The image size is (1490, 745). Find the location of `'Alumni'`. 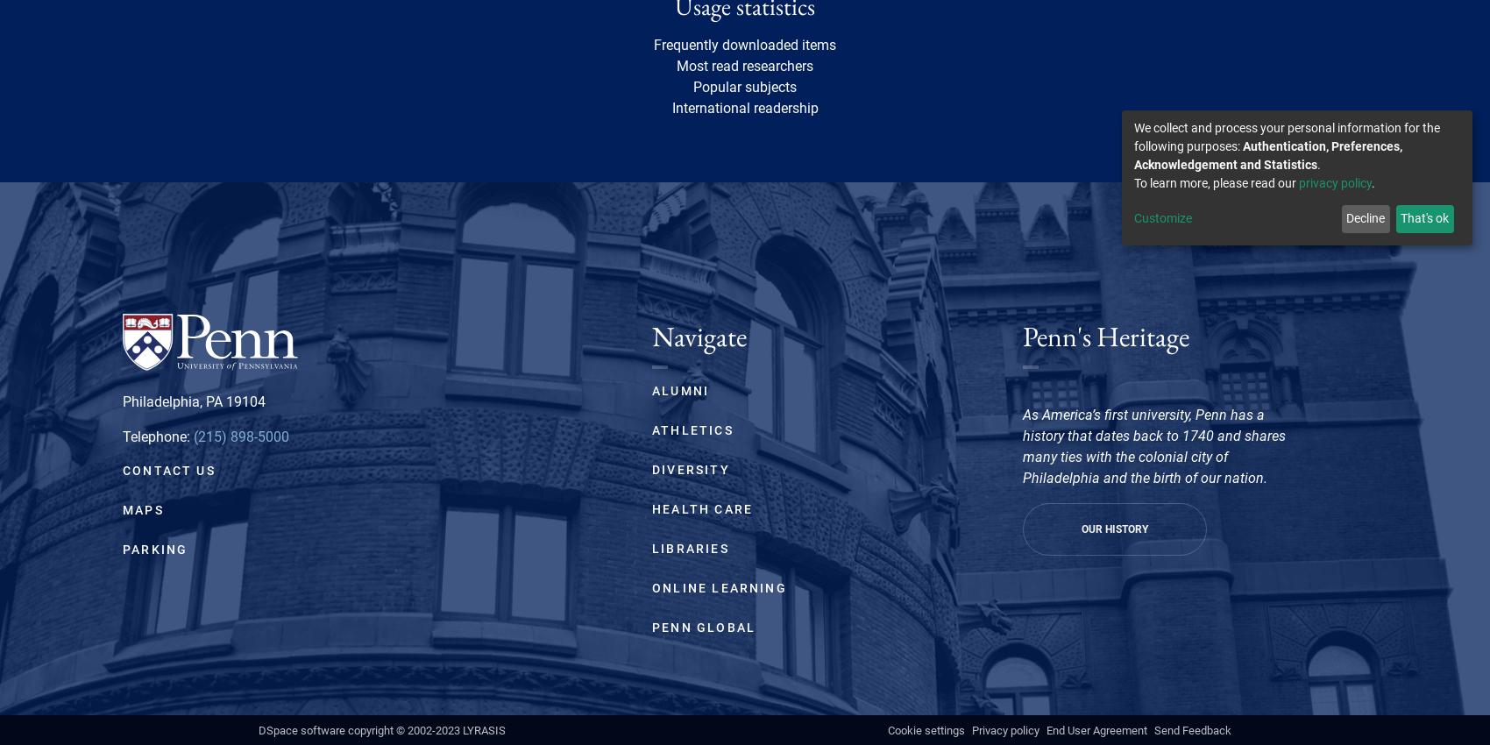

'Alumni' is located at coordinates (679, 388).